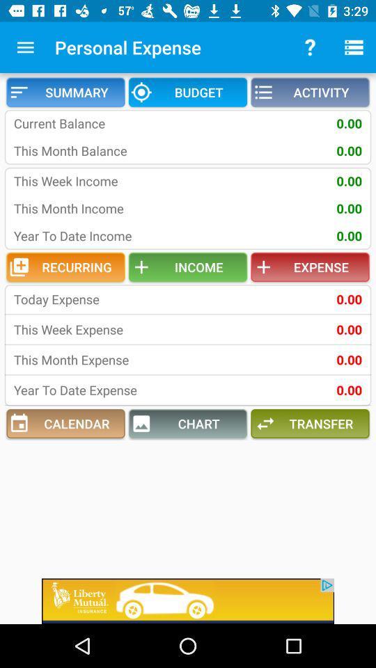 The image size is (376, 668). What do you see at coordinates (310, 423) in the screenshot?
I see `icon below the 0.00` at bounding box center [310, 423].